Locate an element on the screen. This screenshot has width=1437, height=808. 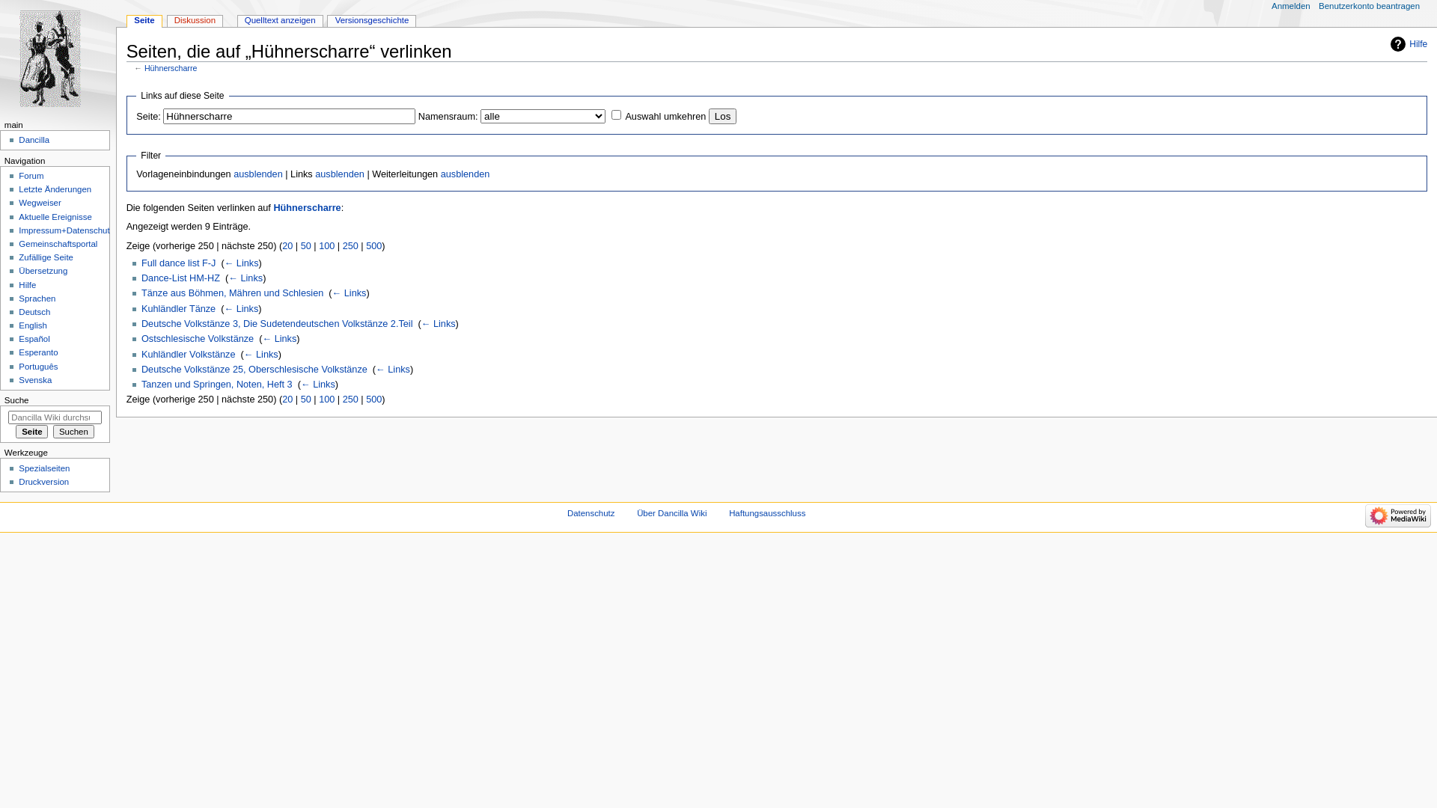
'Aktuelle Ereignisse' is located at coordinates (55, 216).